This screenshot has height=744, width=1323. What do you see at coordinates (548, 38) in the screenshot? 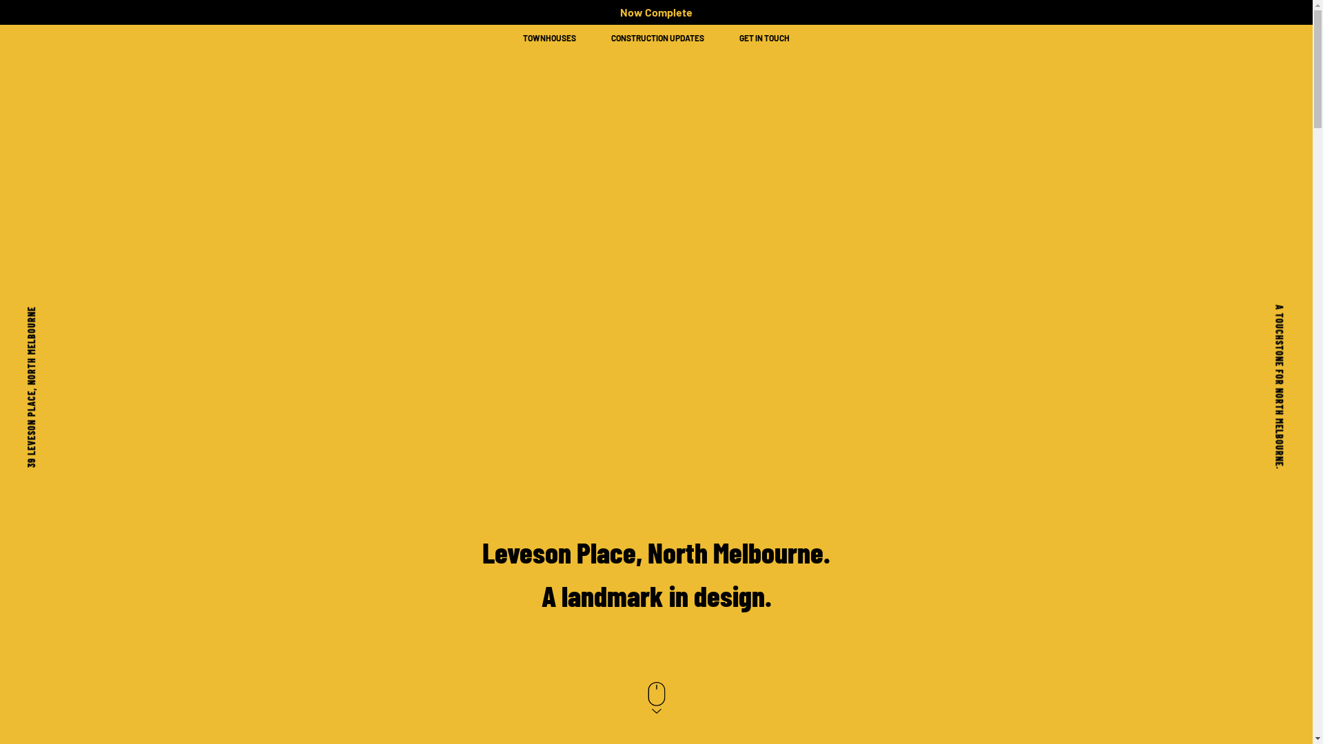
I see `'TOWNHOUSES'` at bounding box center [548, 38].